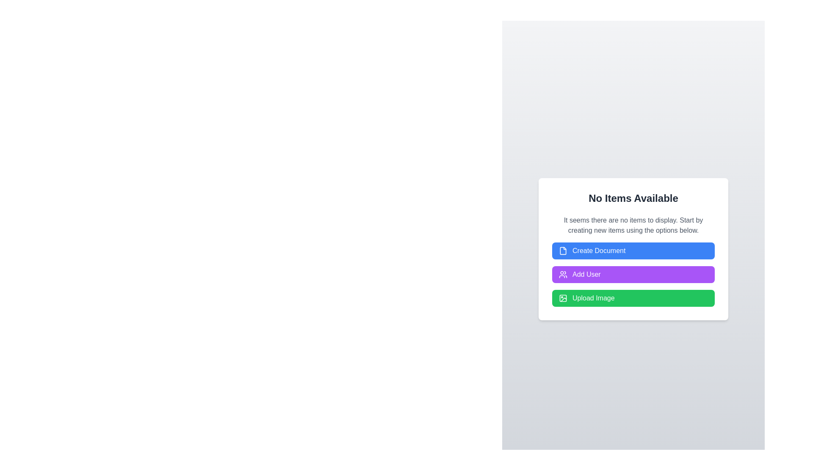  Describe the element at coordinates (563, 298) in the screenshot. I see `the styling of the decorative shape within the 'Upload Image' button, which is the third button from the top in the user interface card` at that location.